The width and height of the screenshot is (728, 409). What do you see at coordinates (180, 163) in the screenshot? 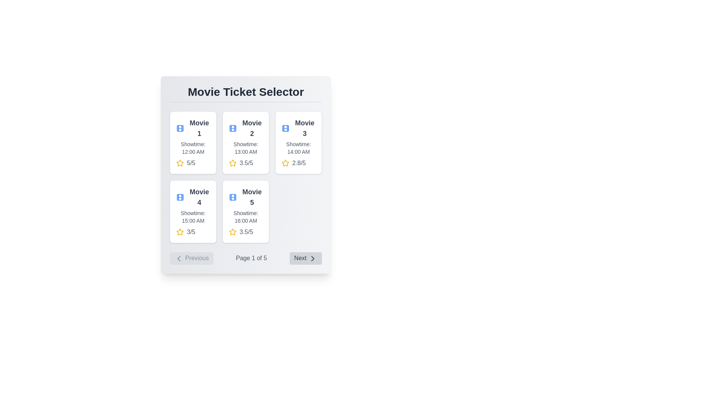
I see `the yellow star icon representing the rating, located in the first movie card next to the '5/5' rating text` at bounding box center [180, 163].